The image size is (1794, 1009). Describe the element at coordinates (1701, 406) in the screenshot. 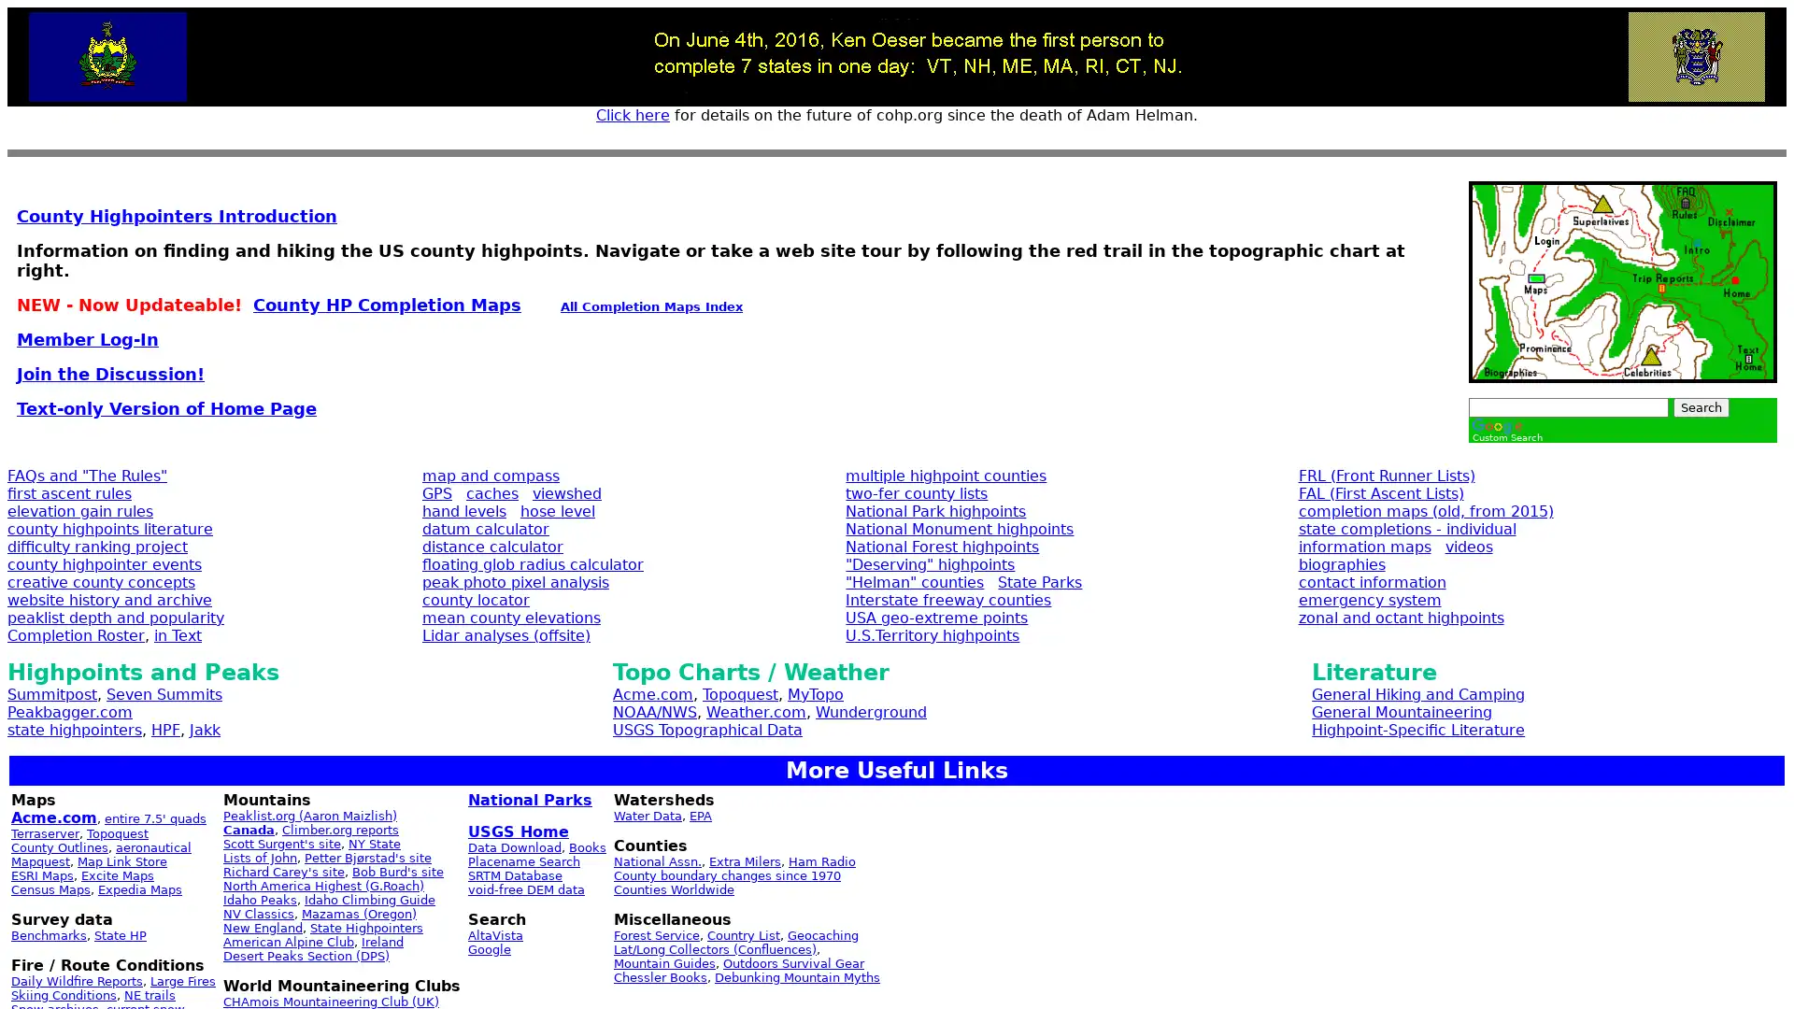

I see `Search` at that location.